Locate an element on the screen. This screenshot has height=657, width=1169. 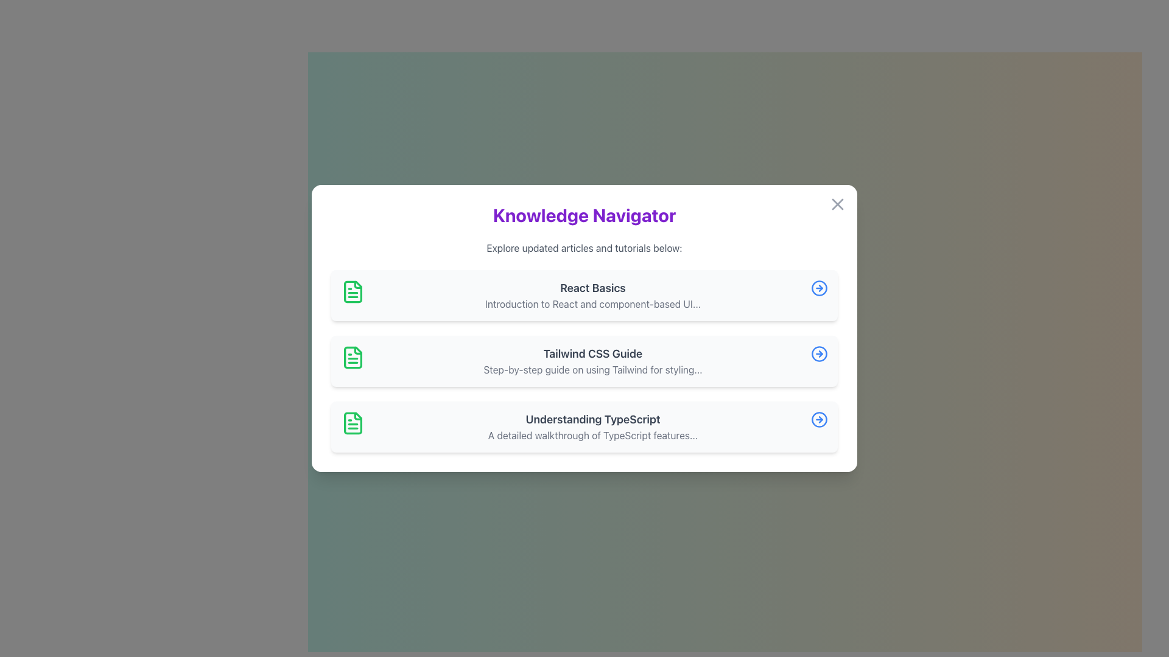
the blue right arrow icon enclosed within a circular border located in the 'Tailwind CSS Guide' row is located at coordinates (819, 354).